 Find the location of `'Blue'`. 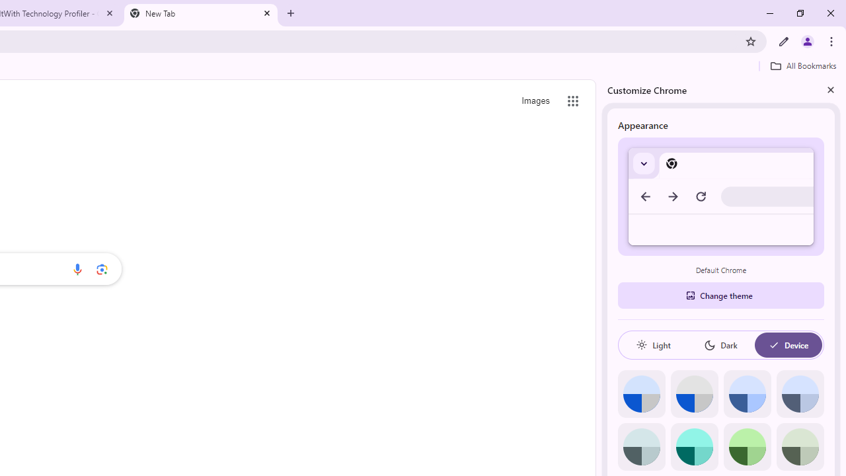

'Blue' is located at coordinates (747, 393).